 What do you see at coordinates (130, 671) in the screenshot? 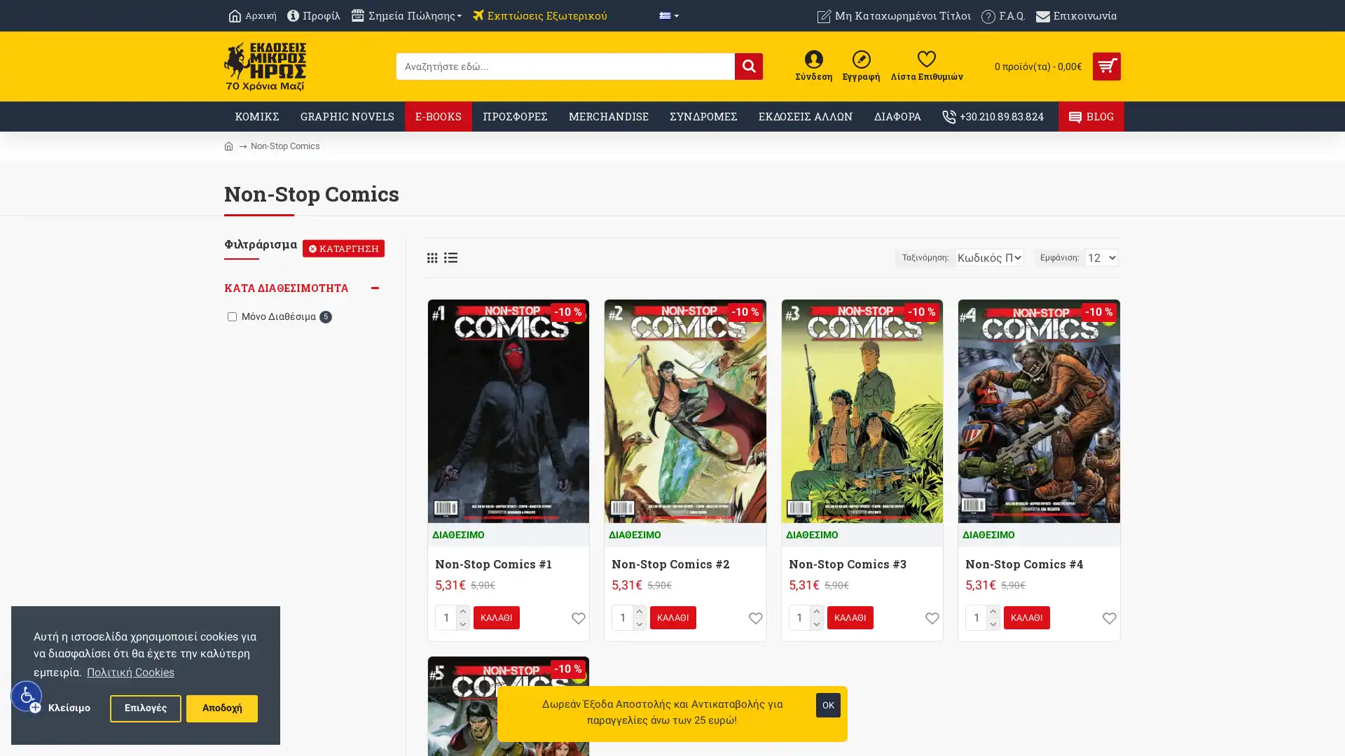
I see `learn more about cookies` at bounding box center [130, 671].